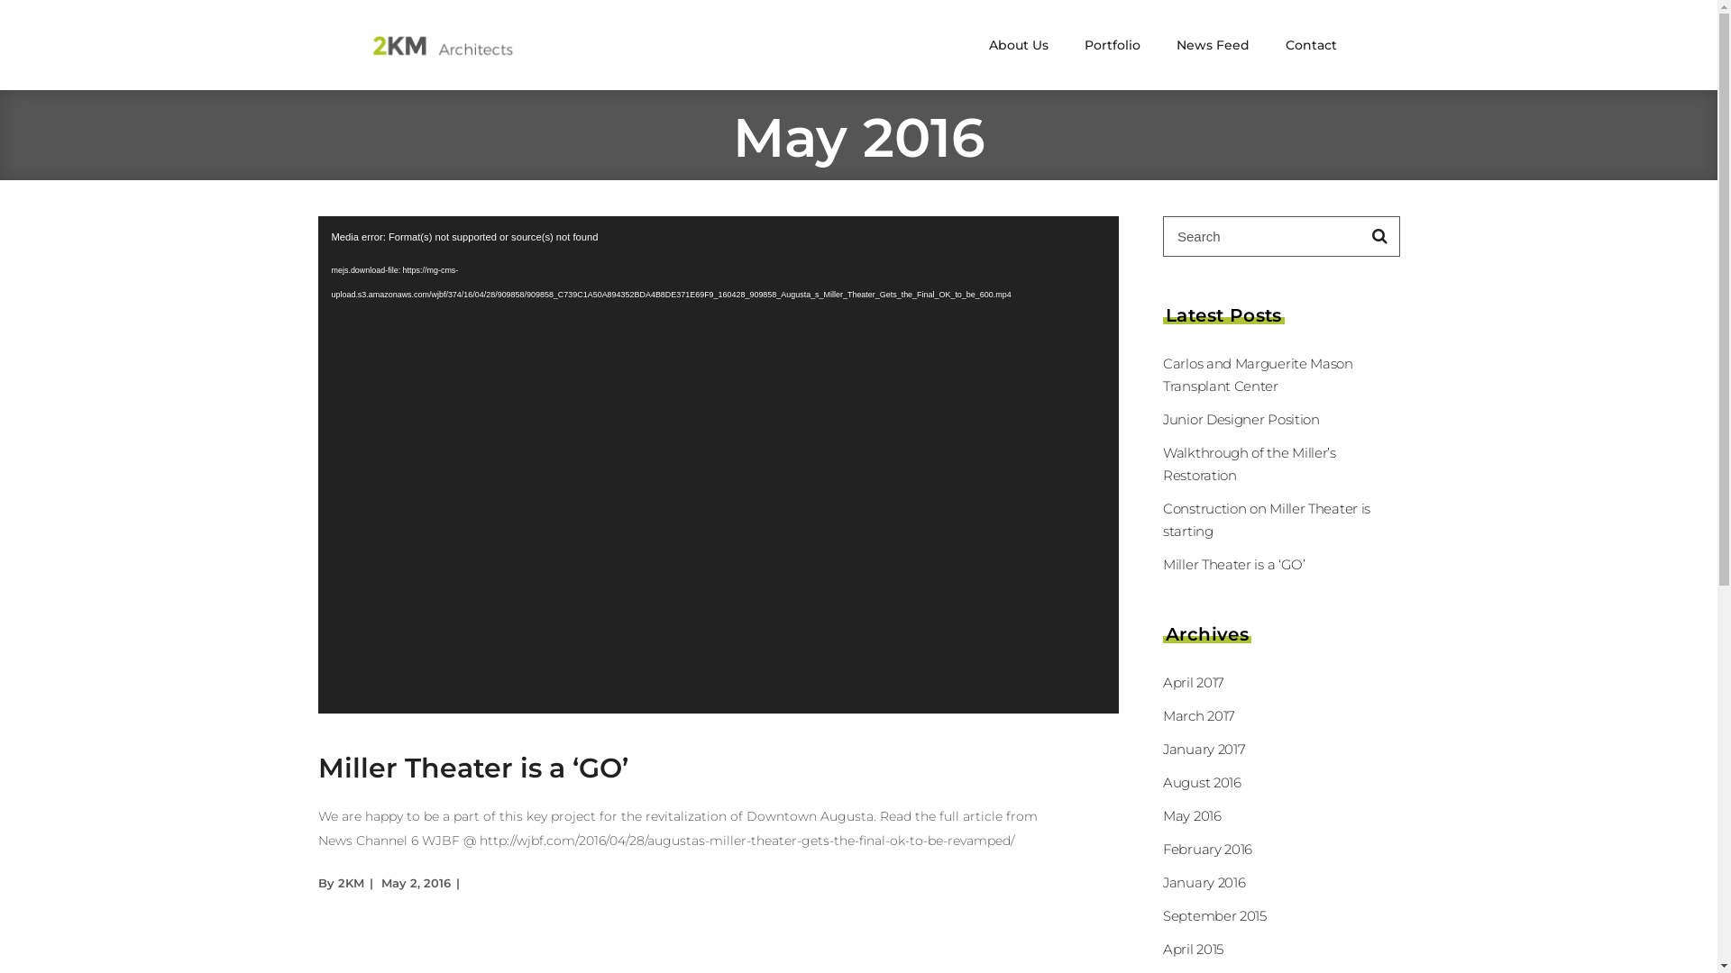 The width and height of the screenshot is (1731, 973). What do you see at coordinates (1212, 44) in the screenshot?
I see `'News Feed'` at bounding box center [1212, 44].